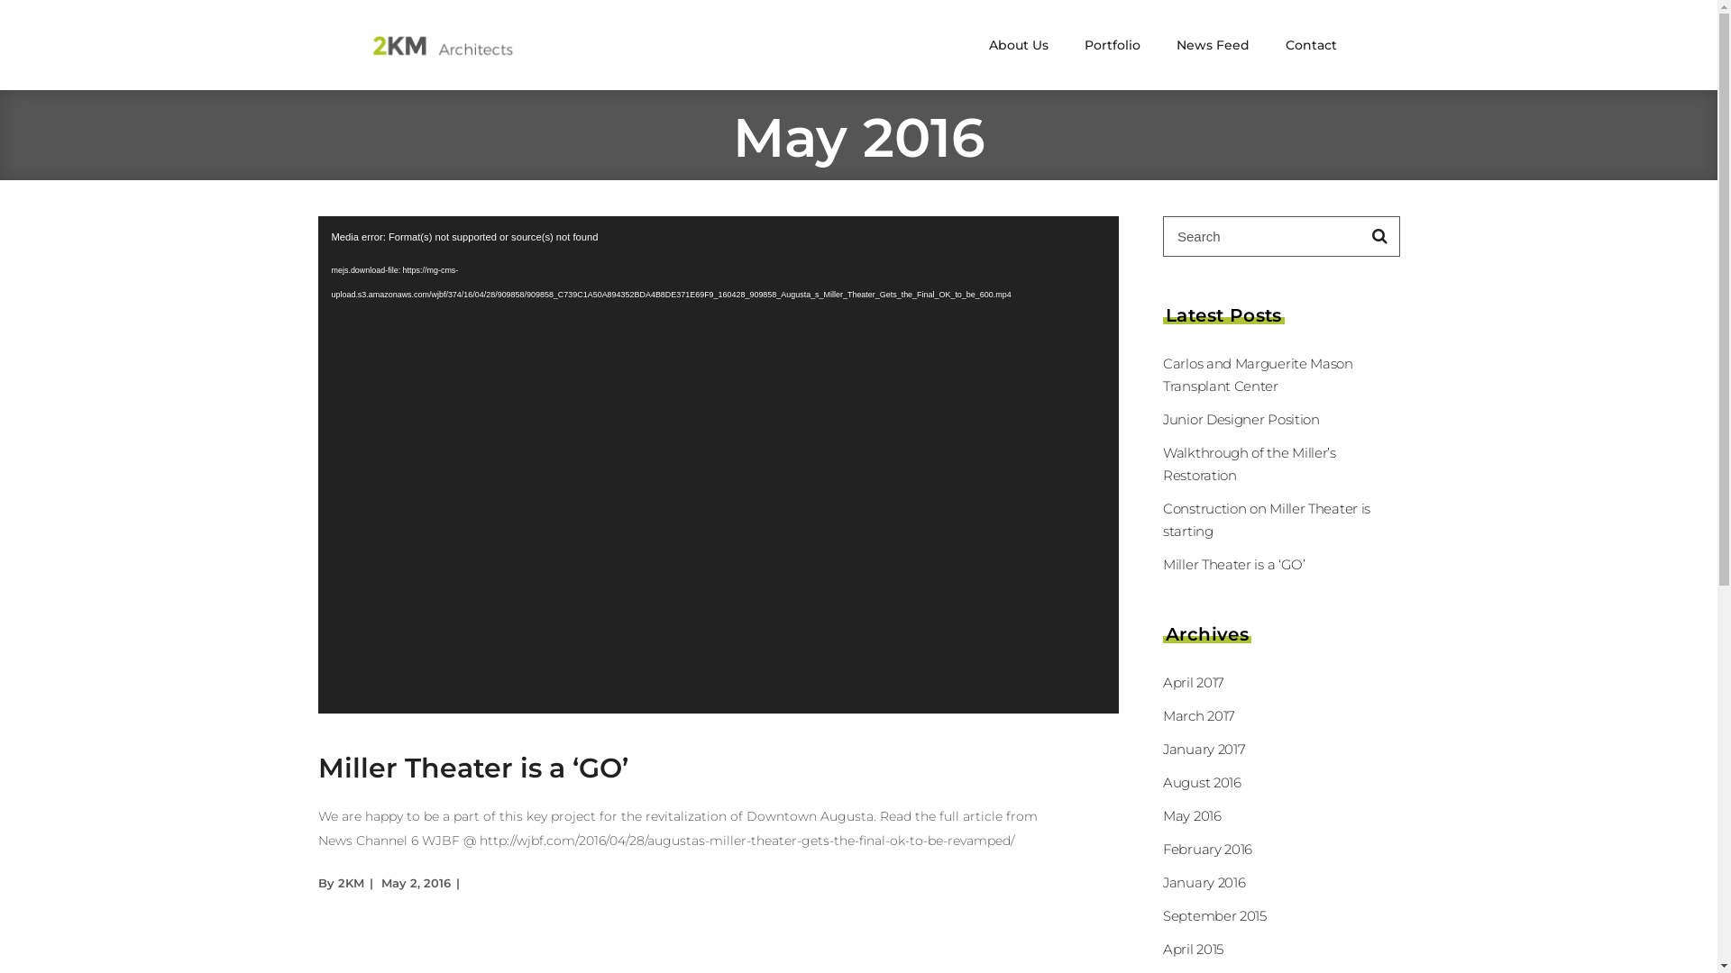 The width and height of the screenshot is (1731, 973). What do you see at coordinates (1212, 44) in the screenshot?
I see `'News Feed'` at bounding box center [1212, 44].